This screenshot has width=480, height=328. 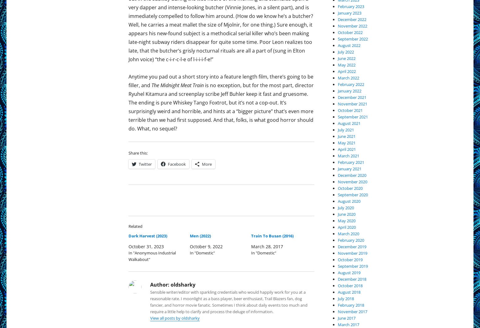 What do you see at coordinates (346, 64) in the screenshot?
I see `'May 2022'` at bounding box center [346, 64].